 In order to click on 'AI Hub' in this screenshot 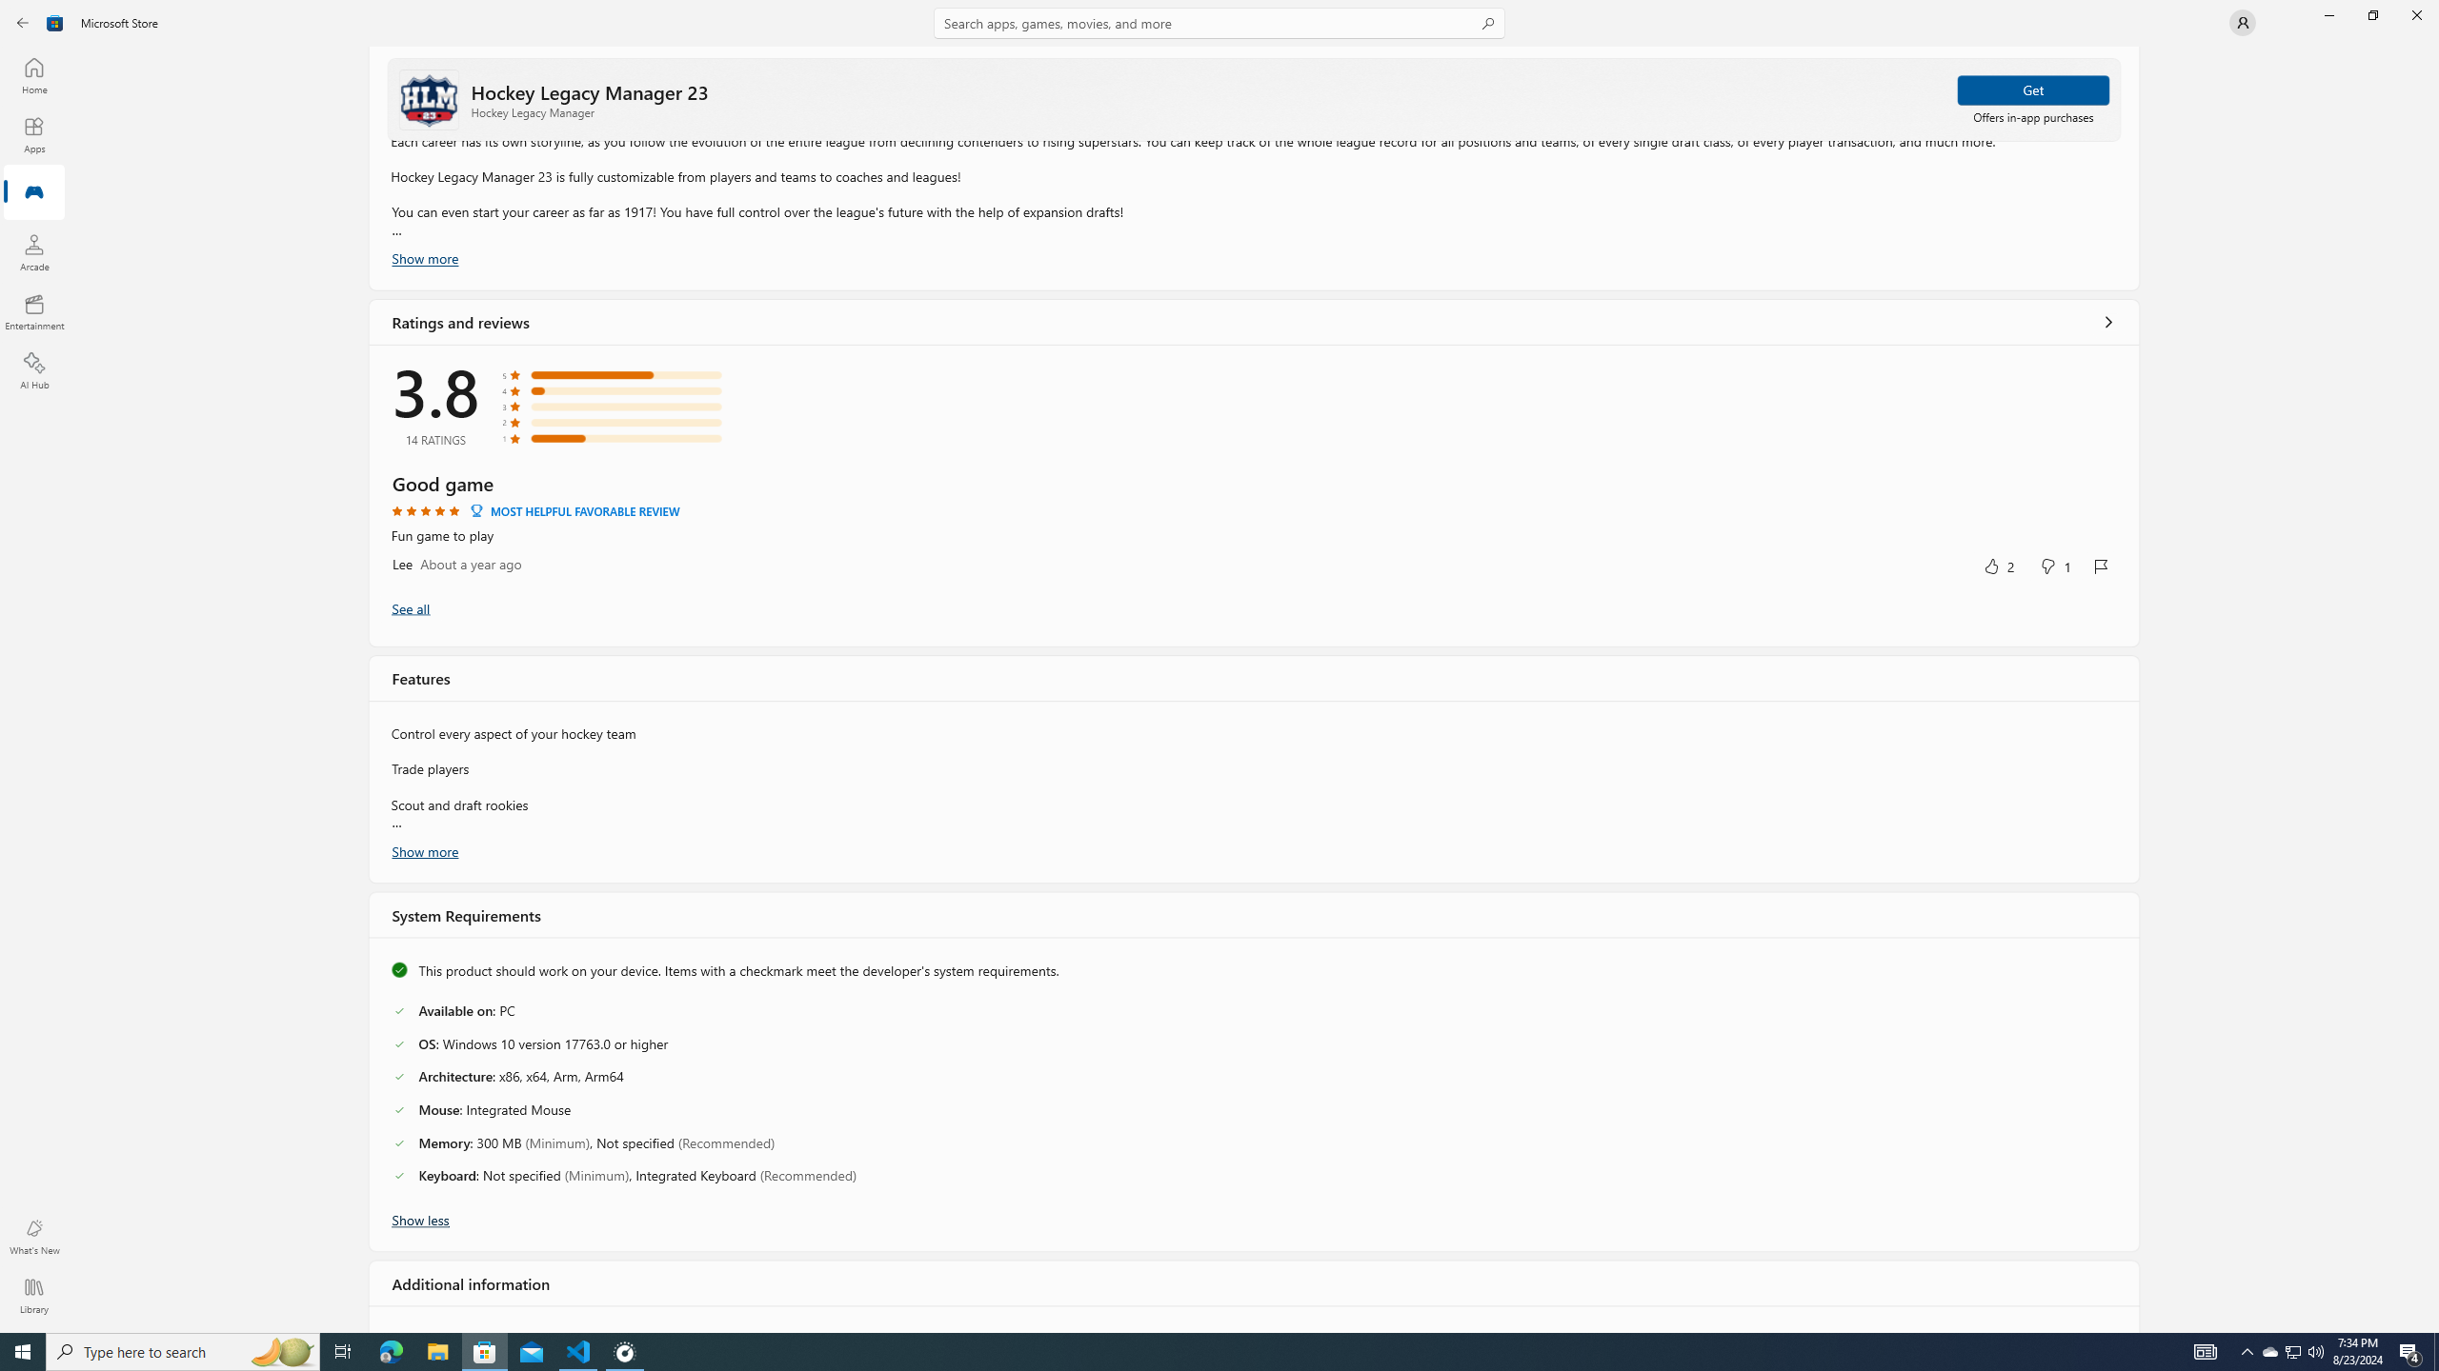, I will do `click(32, 369)`.